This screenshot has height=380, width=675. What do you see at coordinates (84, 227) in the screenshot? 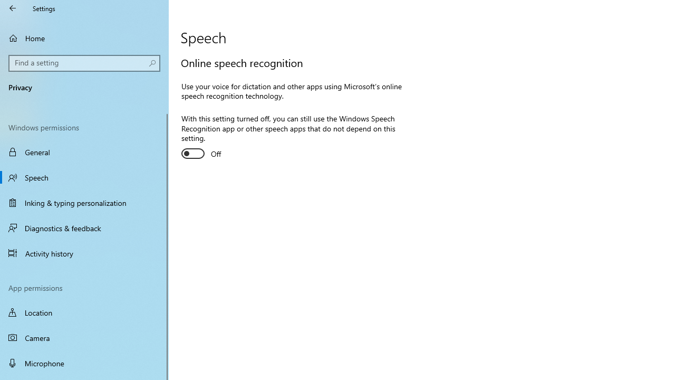
I see `'Diagnostics & feedback'` at bounding box center [84, 227].